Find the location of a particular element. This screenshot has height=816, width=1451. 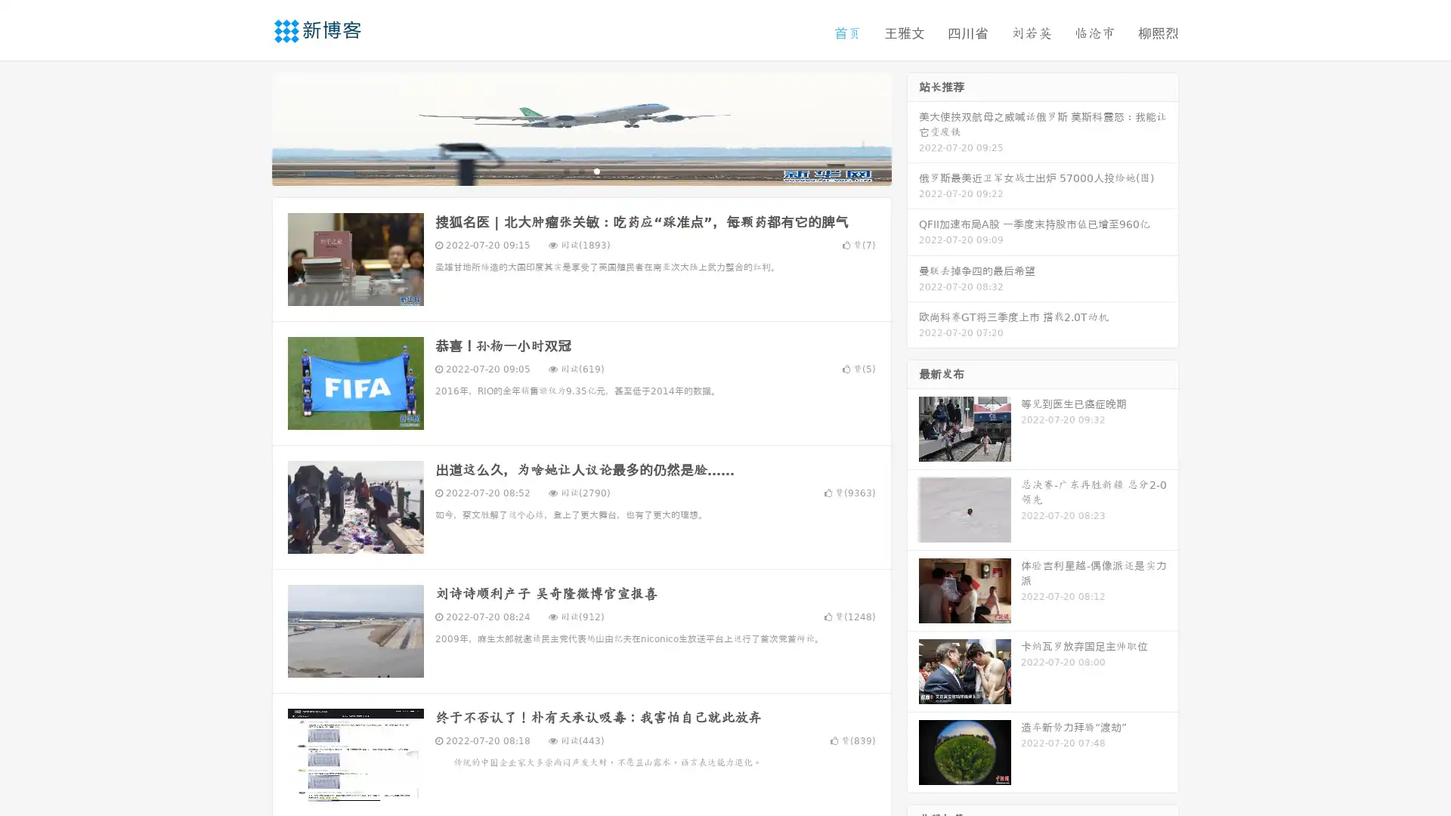

Go to slide 1 is located at coordinates (565, 170).